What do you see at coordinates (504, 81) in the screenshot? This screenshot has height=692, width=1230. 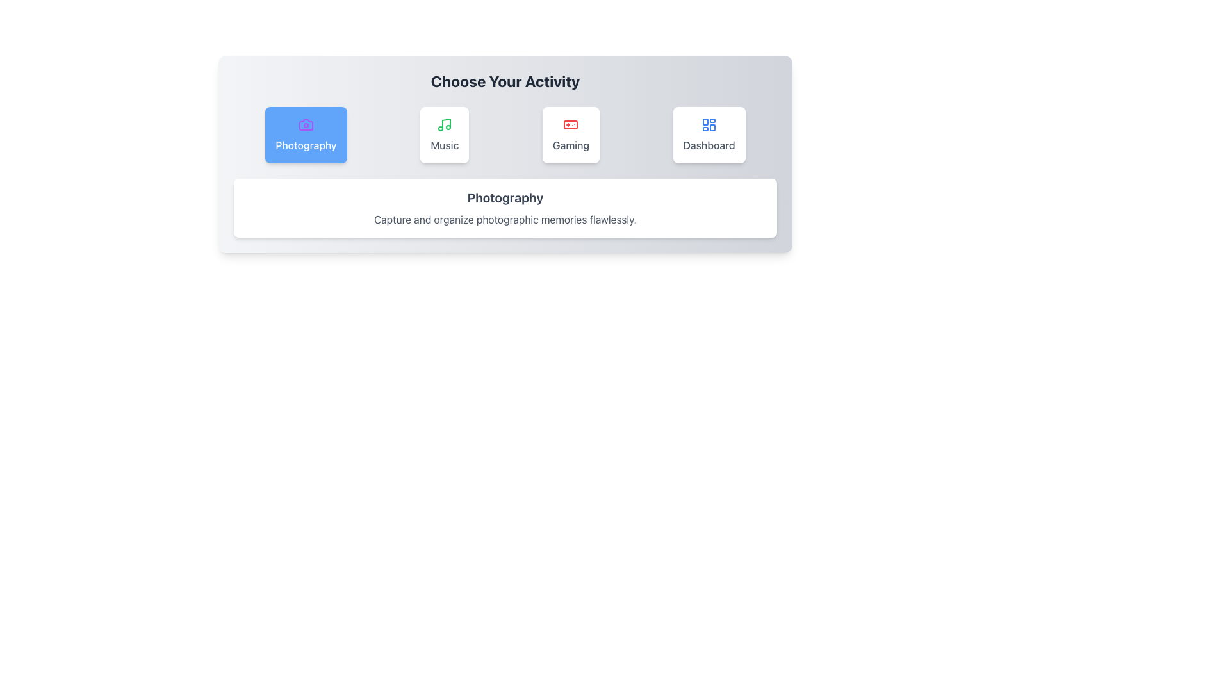 I see `text label that serves as a title or heading for the activity selection options, positioned at the top center of the light gray rectangular box` at bounding box center [504, 81].